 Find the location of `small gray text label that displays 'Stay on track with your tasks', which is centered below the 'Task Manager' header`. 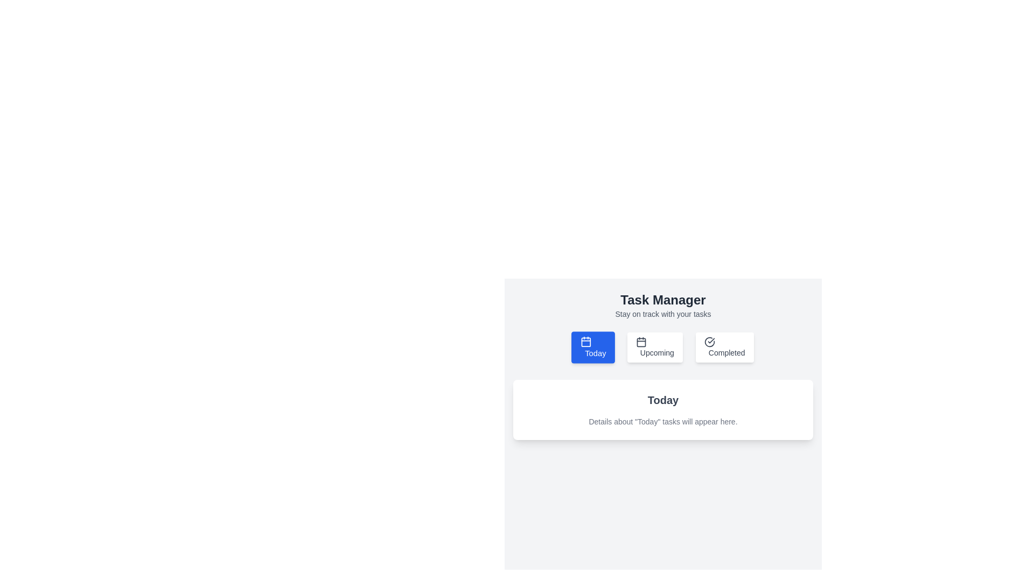

small gray text label that displays 'Stay on track with your tasks', which is centered below the 'Task Manager' header is located at coordinates (662, 314).